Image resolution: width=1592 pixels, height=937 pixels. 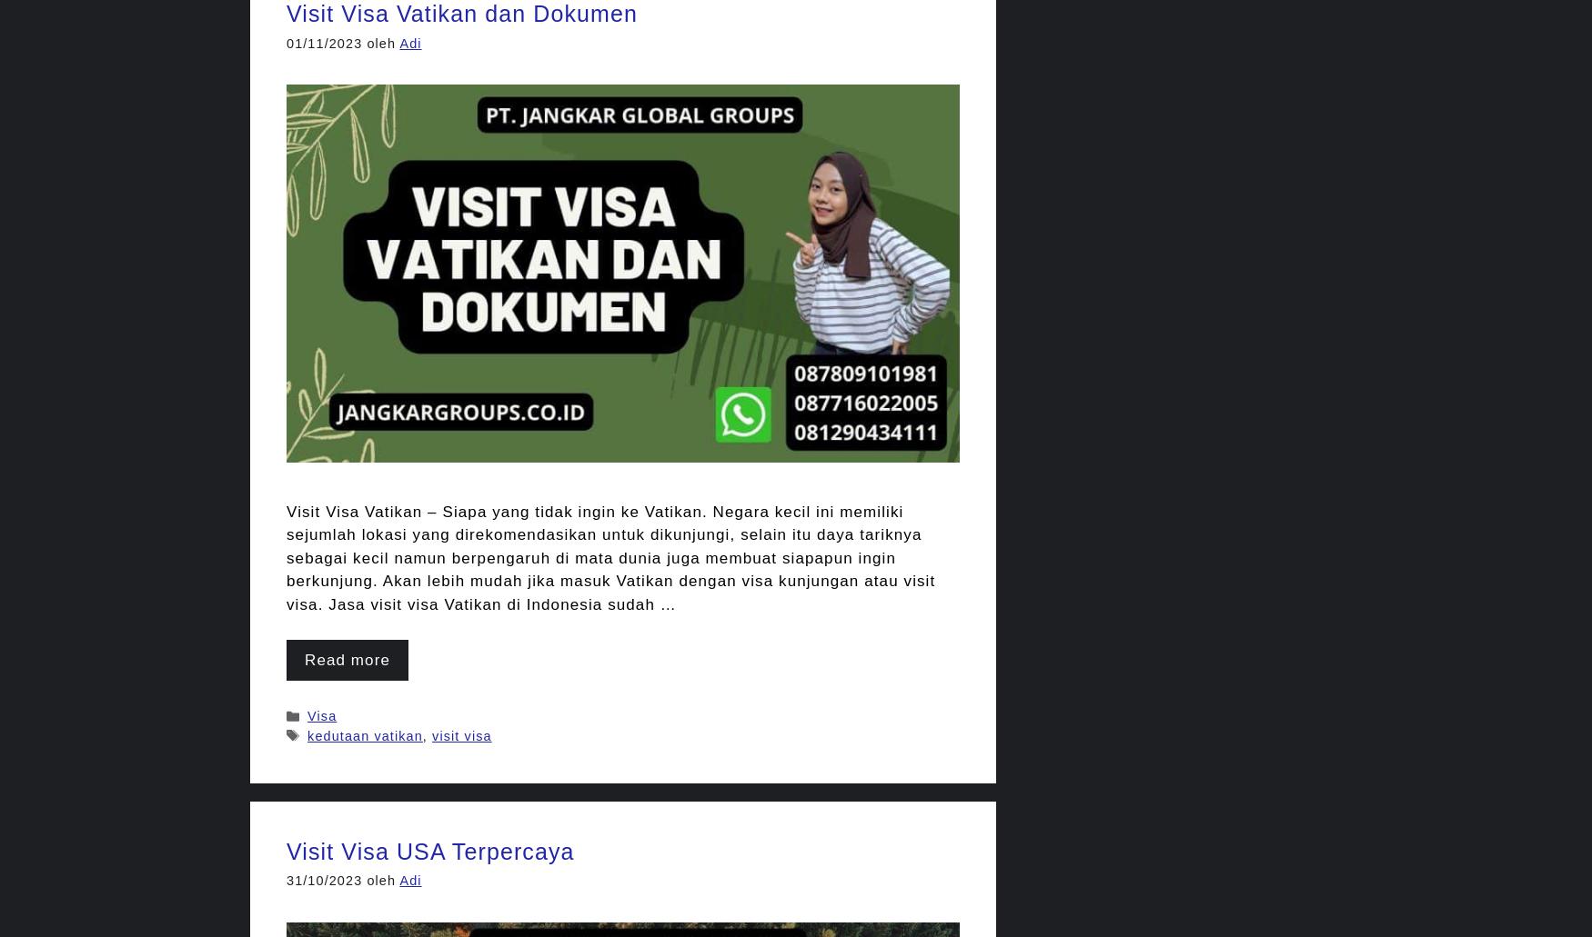 I want to click on 'Visit Visa Vatikan dan Dokumen', so click(x=460, y=13).